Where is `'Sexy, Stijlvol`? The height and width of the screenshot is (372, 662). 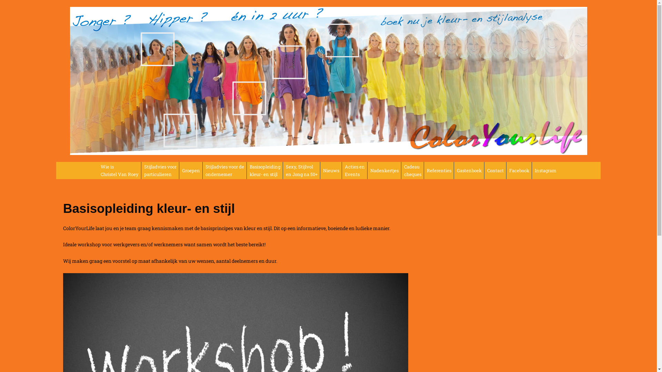
'Sexy, Stijlvol is located at coordinates (301, 170).